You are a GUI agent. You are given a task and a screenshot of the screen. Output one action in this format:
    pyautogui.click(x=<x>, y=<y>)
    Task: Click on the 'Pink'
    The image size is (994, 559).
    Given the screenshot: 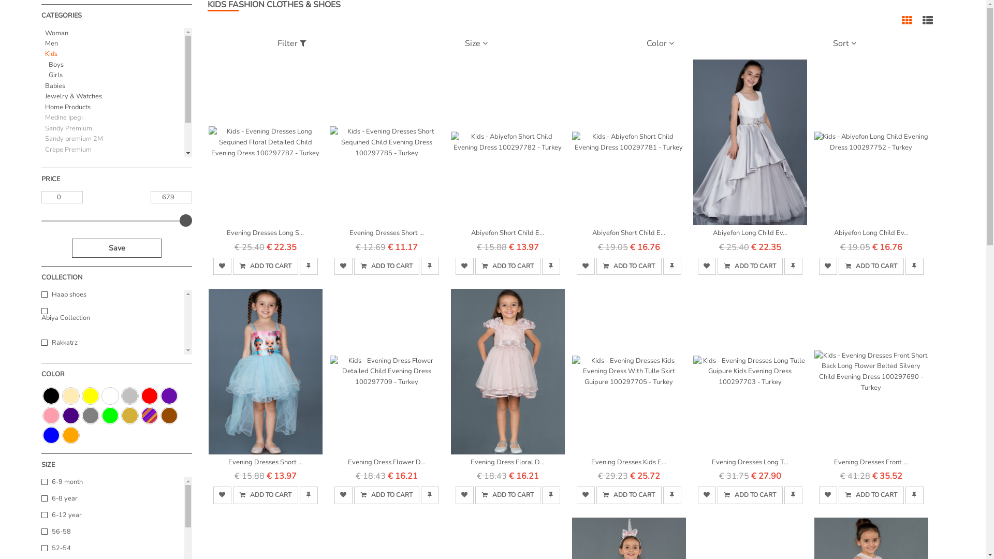 What is the action you would take?
    pyautogui.click(x=51, y=415)
    